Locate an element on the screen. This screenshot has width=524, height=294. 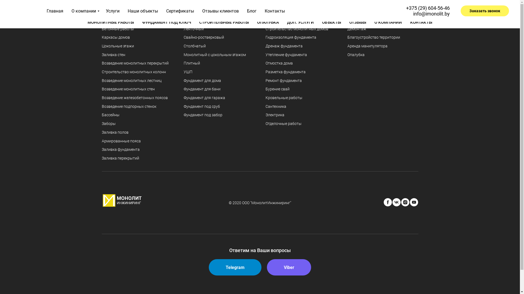
'+375 (29) 604-56-46' is located at coordinates (428, 8).